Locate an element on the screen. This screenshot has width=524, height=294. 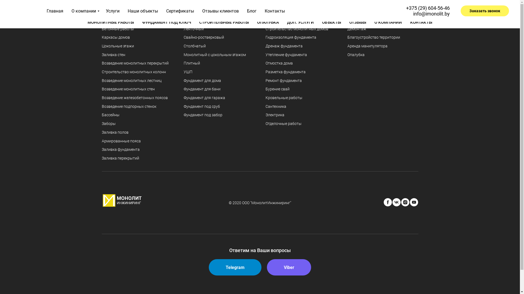
'+375 (29) 604-56-46' is located at coordinates (428, 8).